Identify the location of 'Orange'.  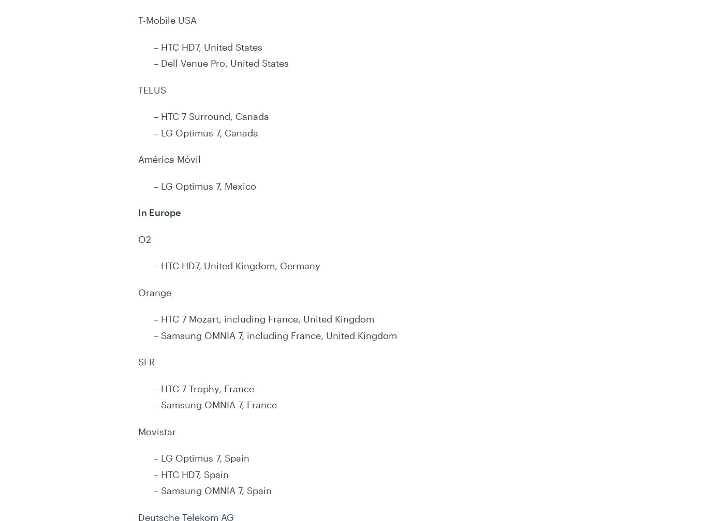
(155, 292).